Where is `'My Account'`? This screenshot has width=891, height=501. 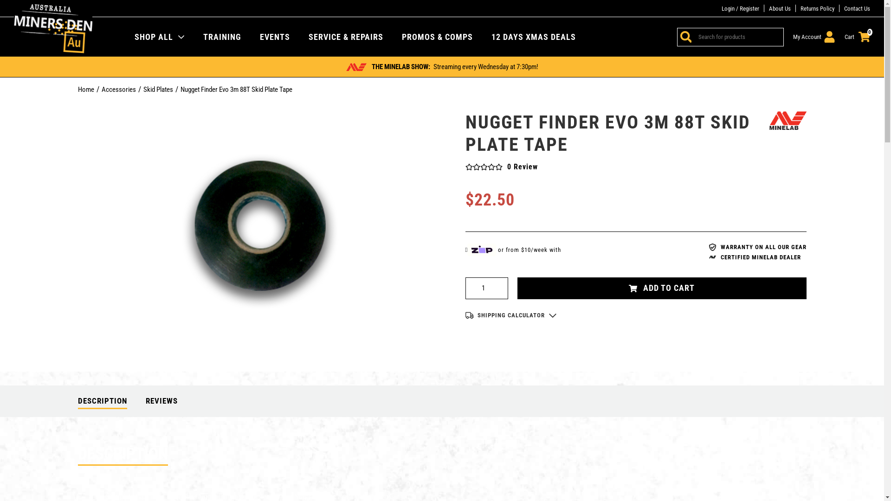
'My Account' is located at coordinates (814, 36).